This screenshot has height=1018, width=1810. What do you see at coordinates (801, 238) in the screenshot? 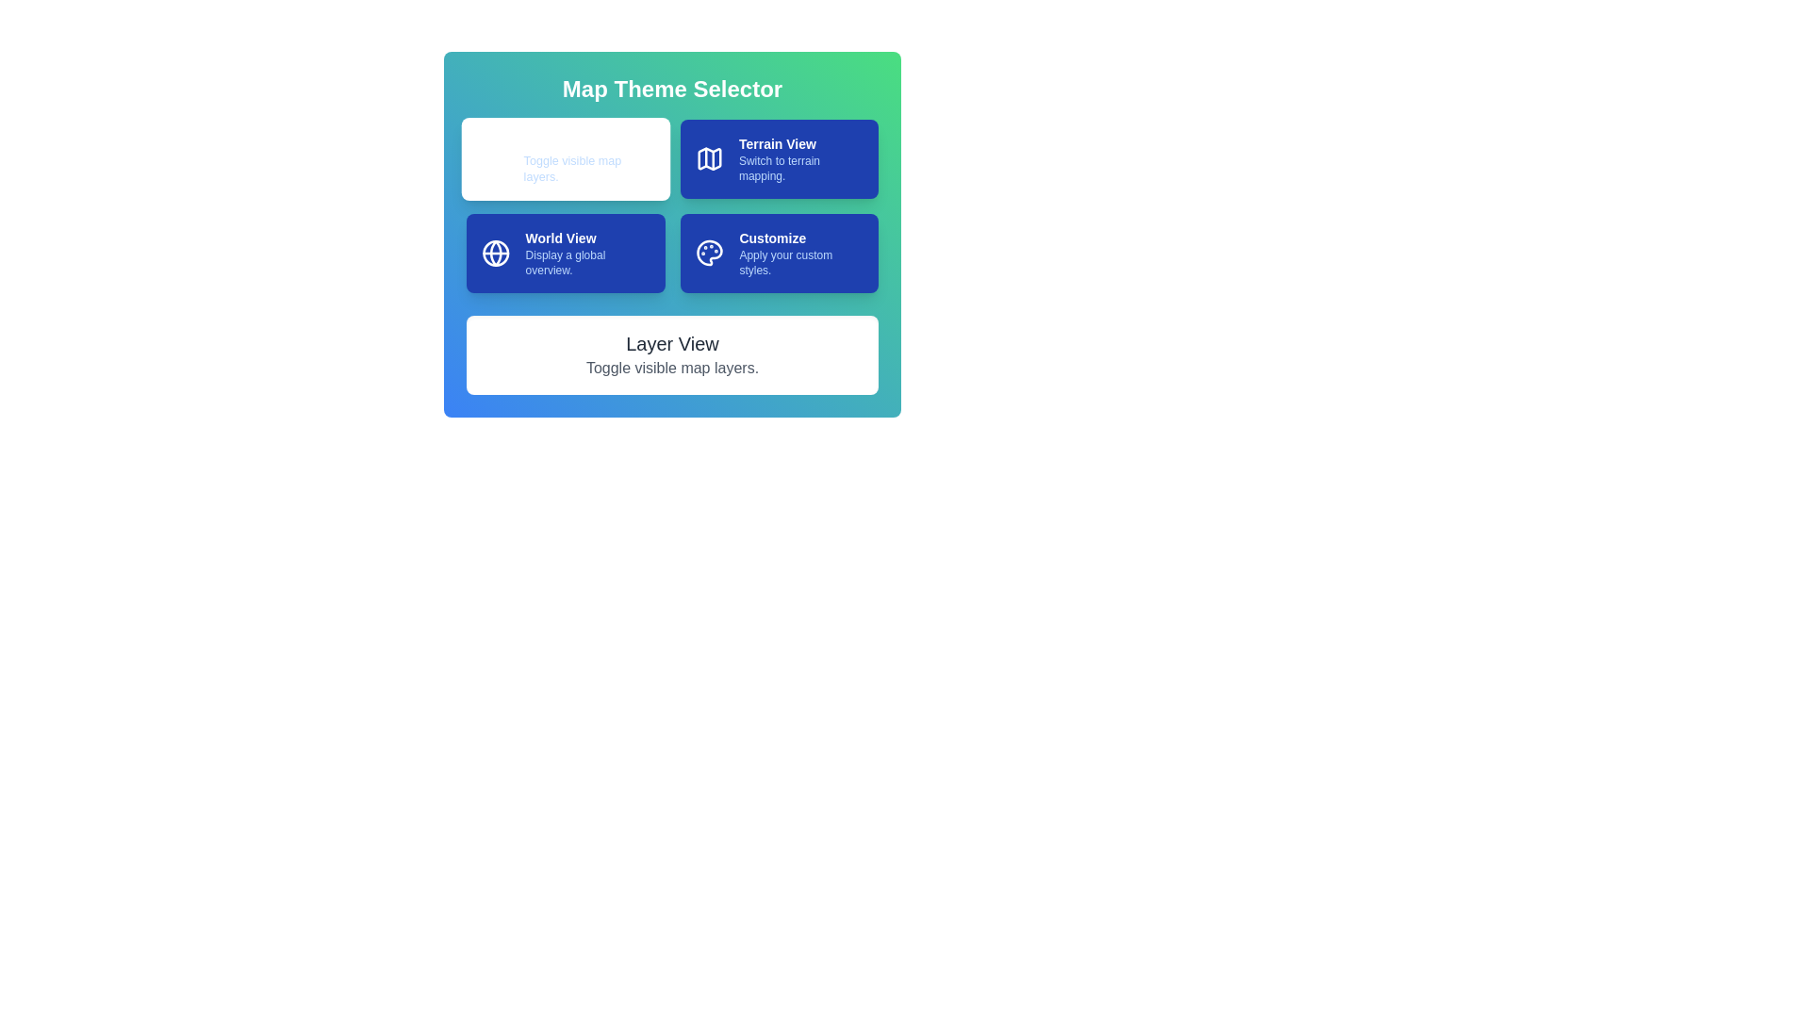
I see `the 'Customize' static text label, which is styled in white bold font on a dark blue background, located in the 'Map Theme Selector' interface under the 'Apply your custom styles' section` at bounding box center [801, 238].